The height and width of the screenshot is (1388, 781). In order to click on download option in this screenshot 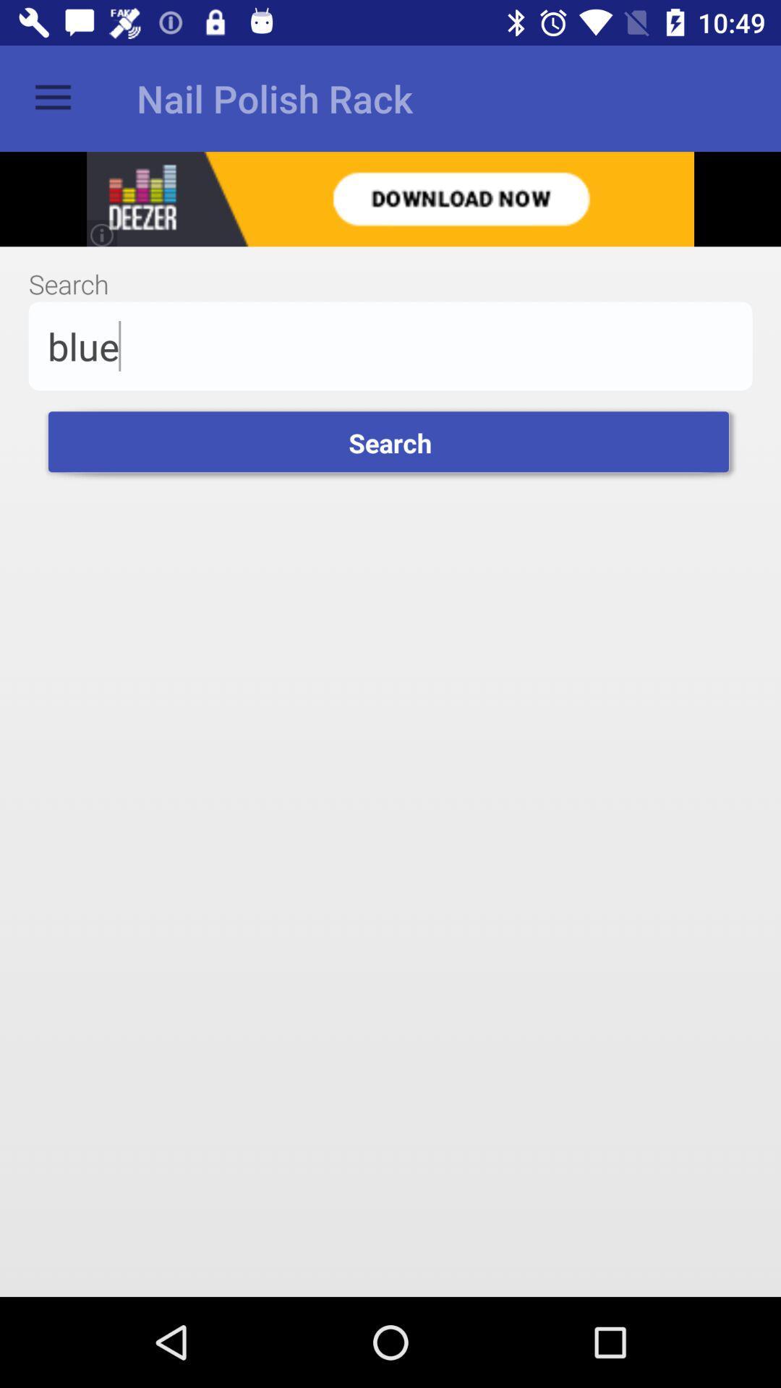, I will do `click(390, 198)`.